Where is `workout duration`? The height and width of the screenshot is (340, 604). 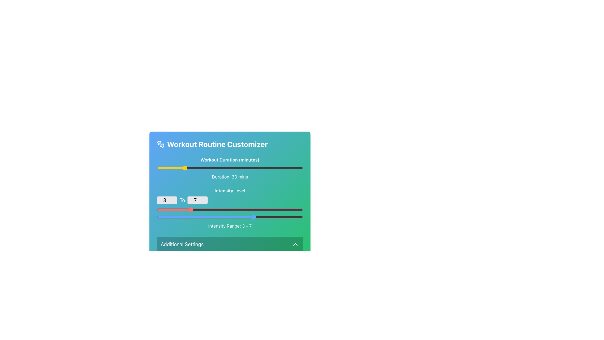
workout duration is located at coordinates (241, 167).